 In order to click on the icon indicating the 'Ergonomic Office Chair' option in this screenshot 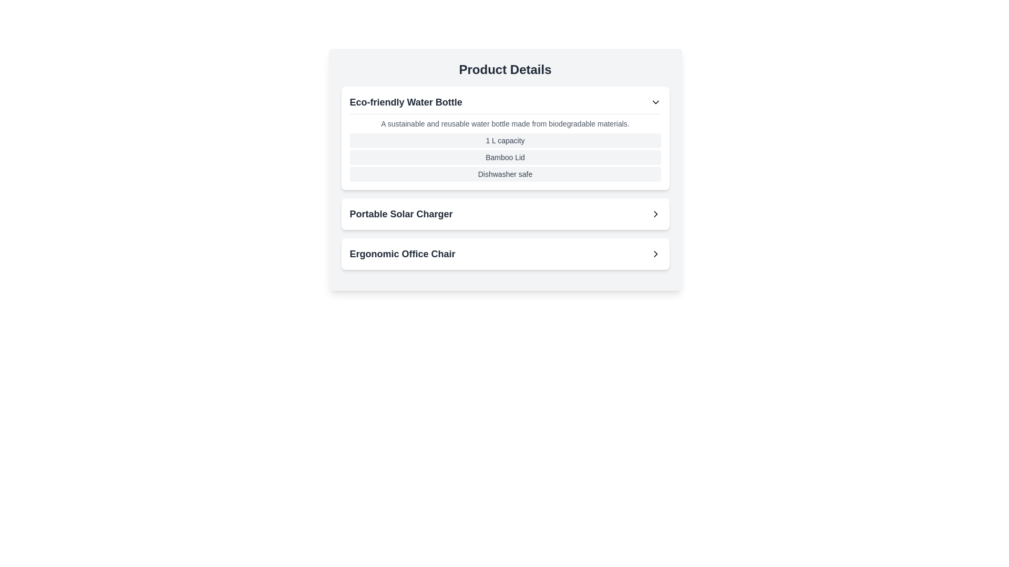, I will do `click(655, 254)`.